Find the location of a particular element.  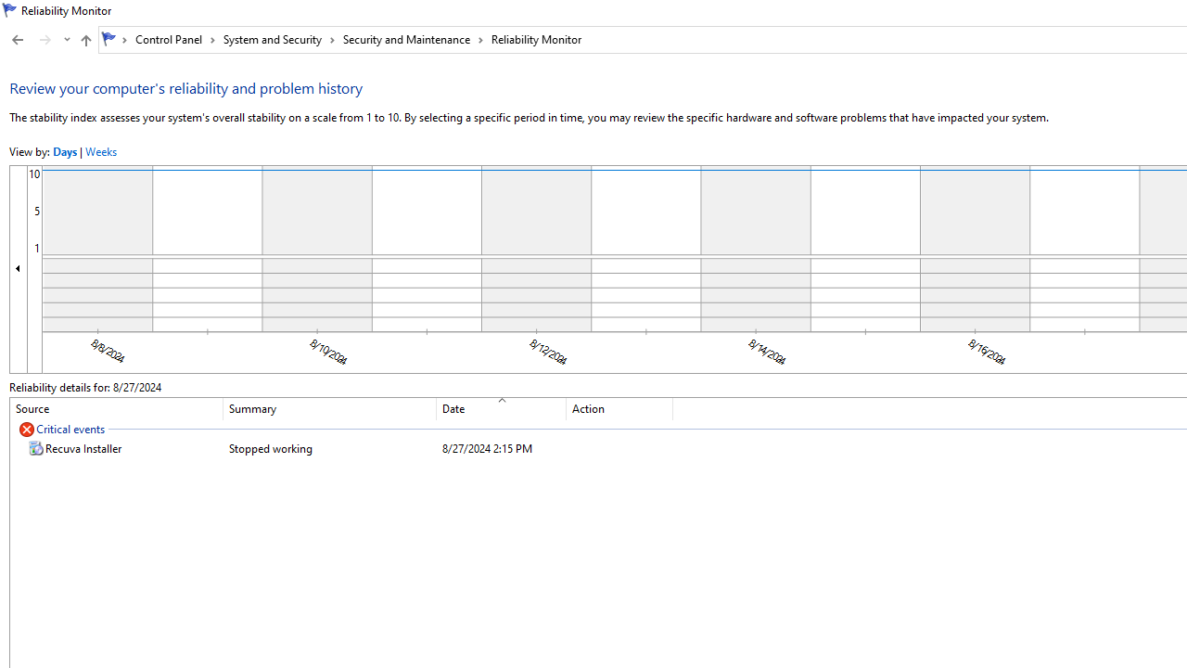

'Back to Security and Maintenance (Alt + Left Arrow)' is located at coordinates (18, 40).